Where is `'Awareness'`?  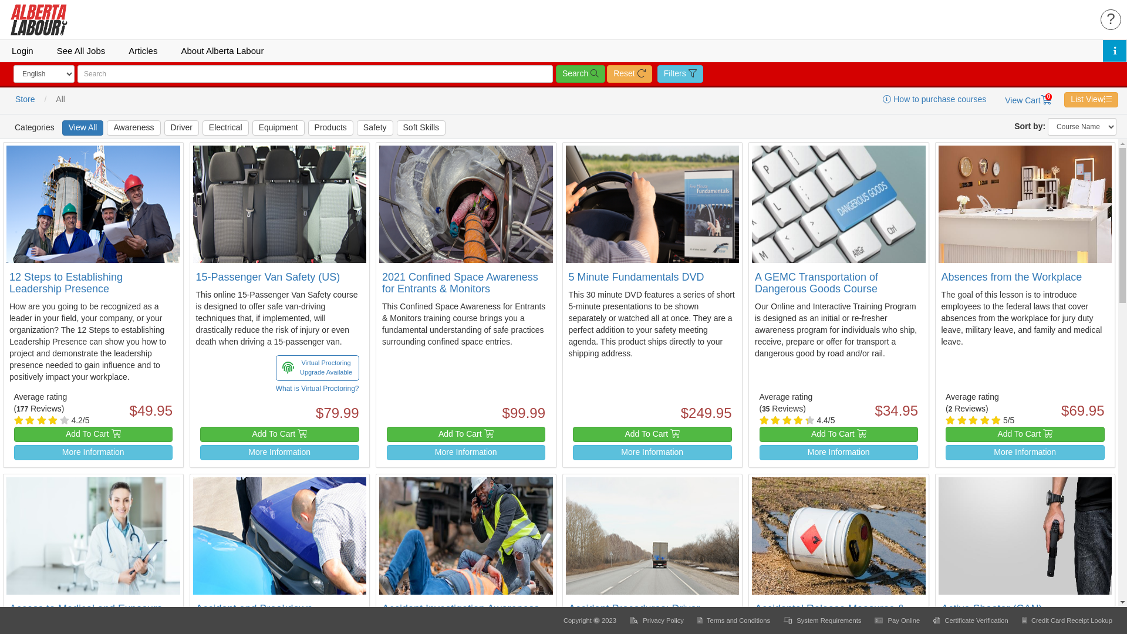 'Awareness' is located at coordinates (133, 128).